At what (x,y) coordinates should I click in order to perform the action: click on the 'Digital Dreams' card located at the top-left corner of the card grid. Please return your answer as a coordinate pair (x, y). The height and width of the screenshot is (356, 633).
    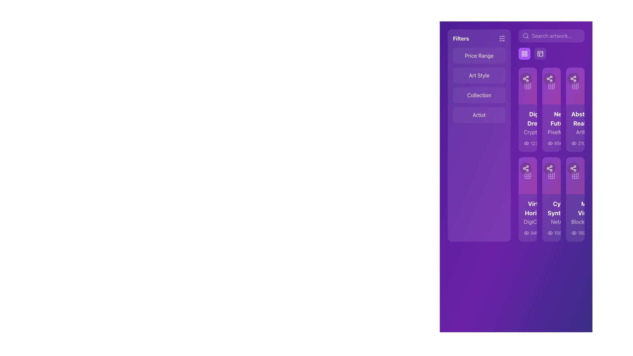
    Looking at the image, I should click on (528, 128).